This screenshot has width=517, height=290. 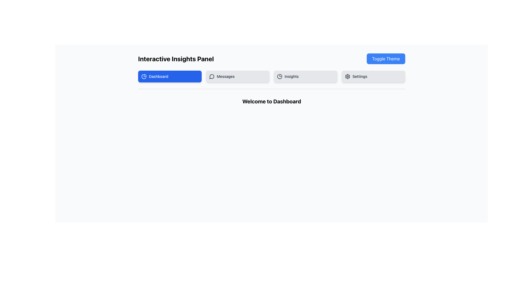 I want to click on the gear-shaped 'Settings' icon, which is the rightmost button in the navigation array, indicating settings functionality, so click(x=348, y=77).